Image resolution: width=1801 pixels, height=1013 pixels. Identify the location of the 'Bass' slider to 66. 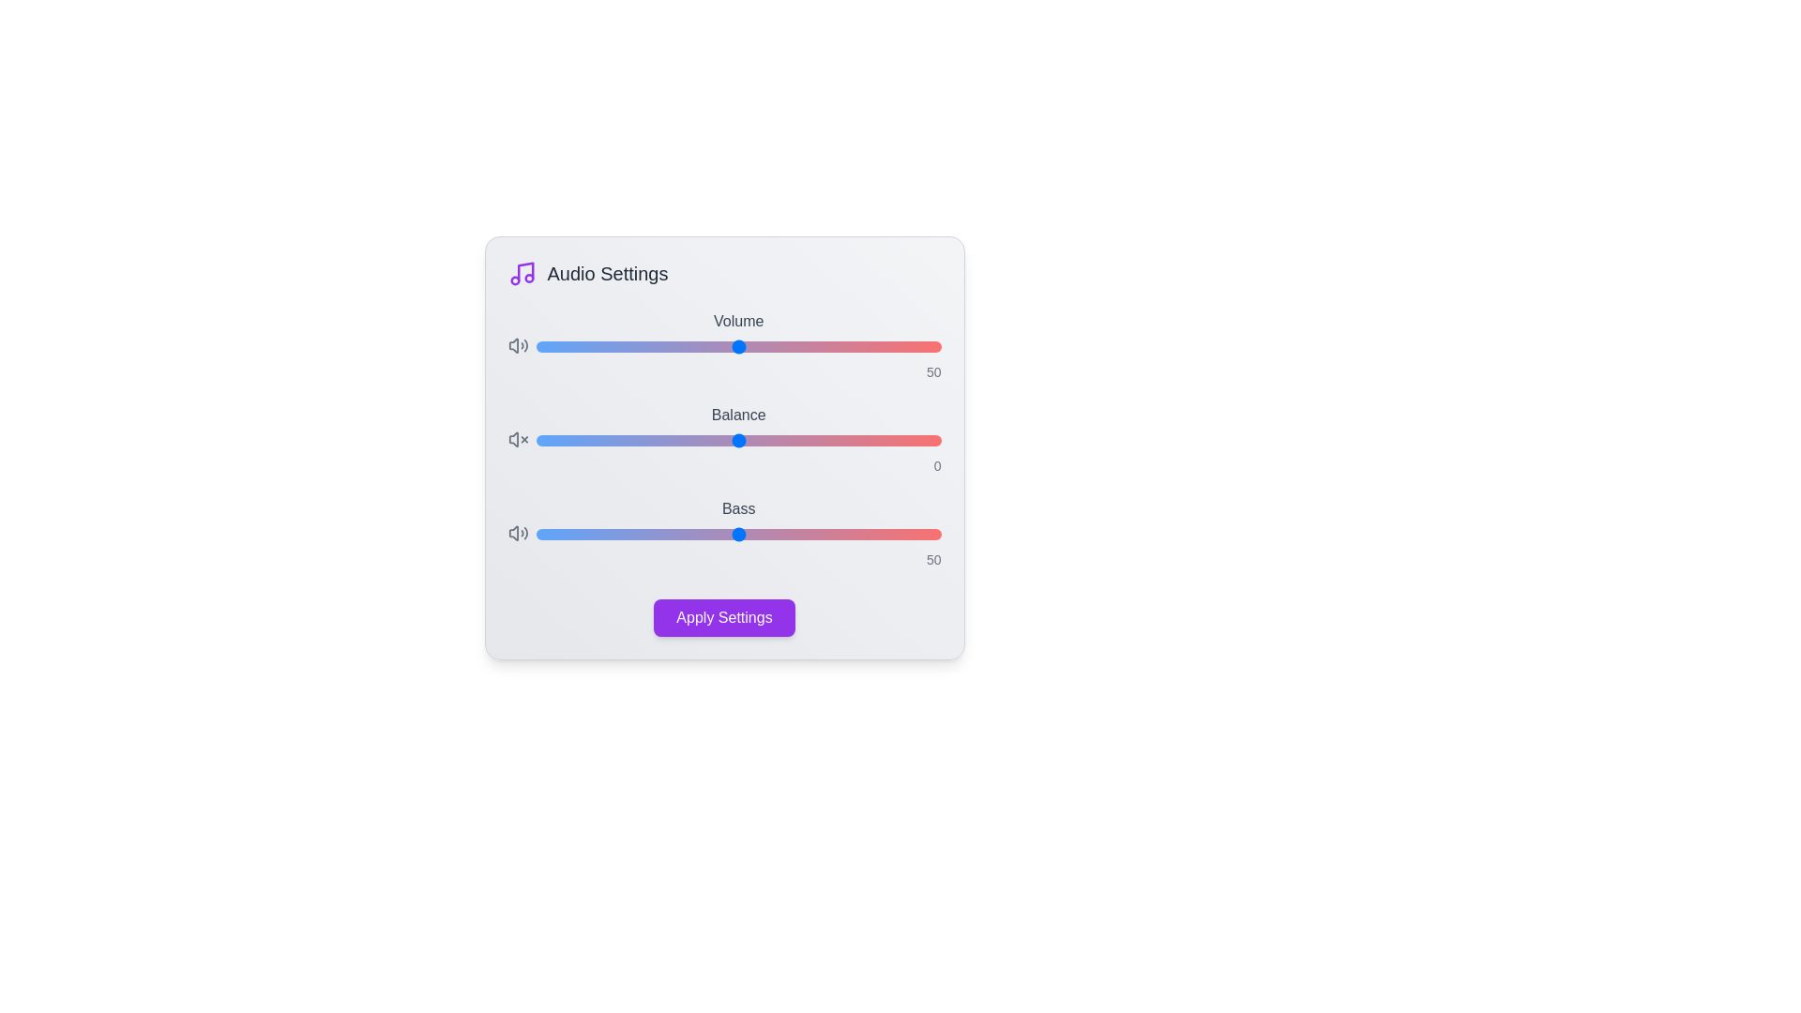
(803, 535).